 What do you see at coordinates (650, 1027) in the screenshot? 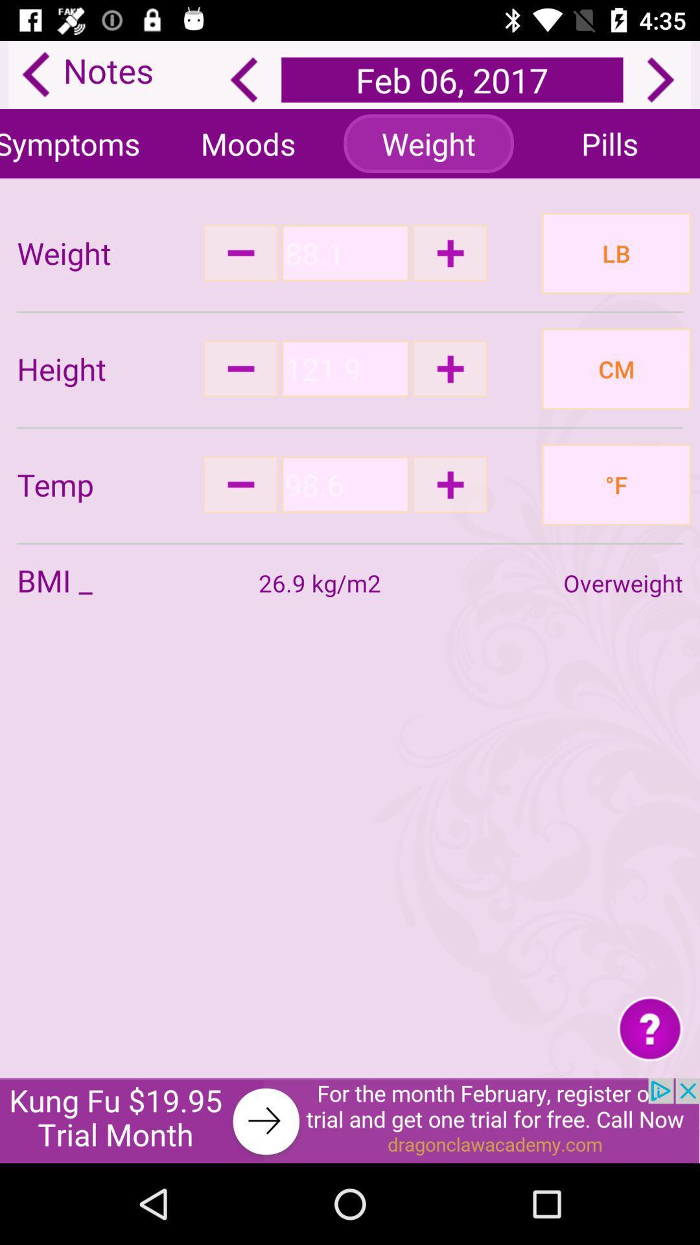
I see `help` at bounding box center [650, 1027].